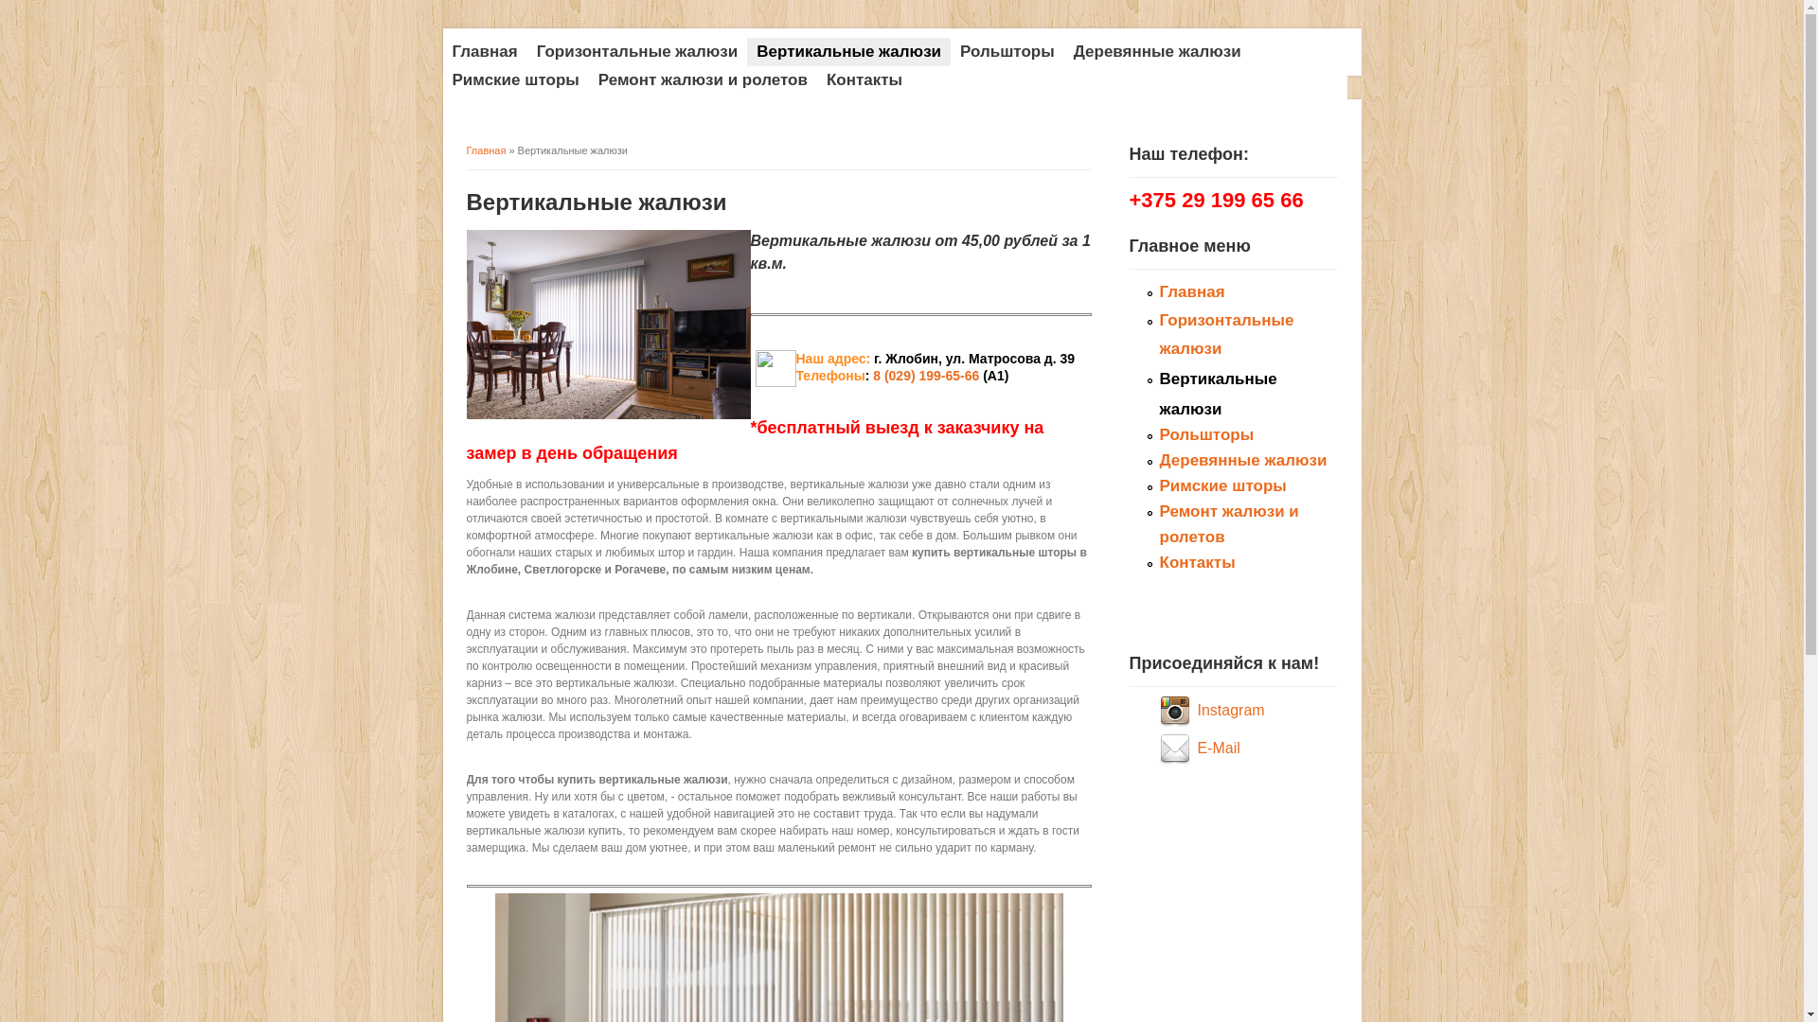 The image size is (1818, 1022). What do you see at coordinates (1230, 710) in the screenshot?
I see `'Instagram'` at bounding box center [1230, 710].